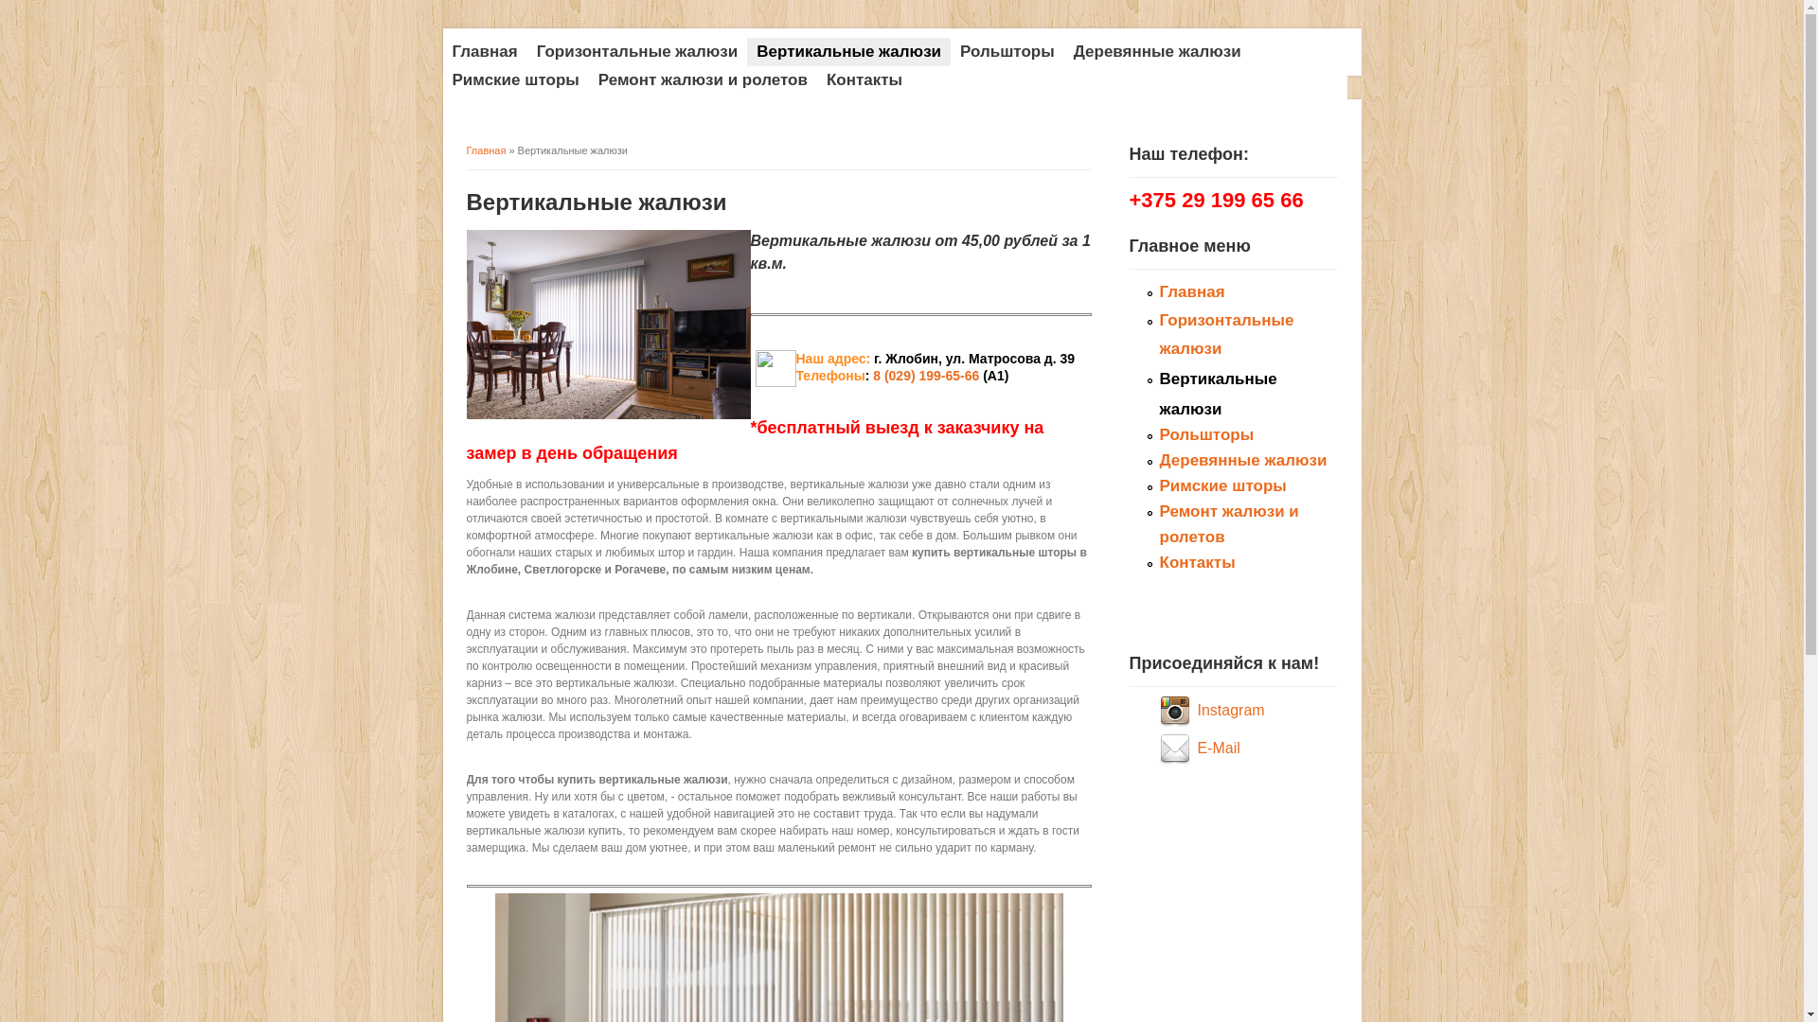 The image size is (1818, 1022). What do you see at coordinates (1230, 710) in the screenshot?
I see `'Instagram'` at bounding box center [1230, 710].